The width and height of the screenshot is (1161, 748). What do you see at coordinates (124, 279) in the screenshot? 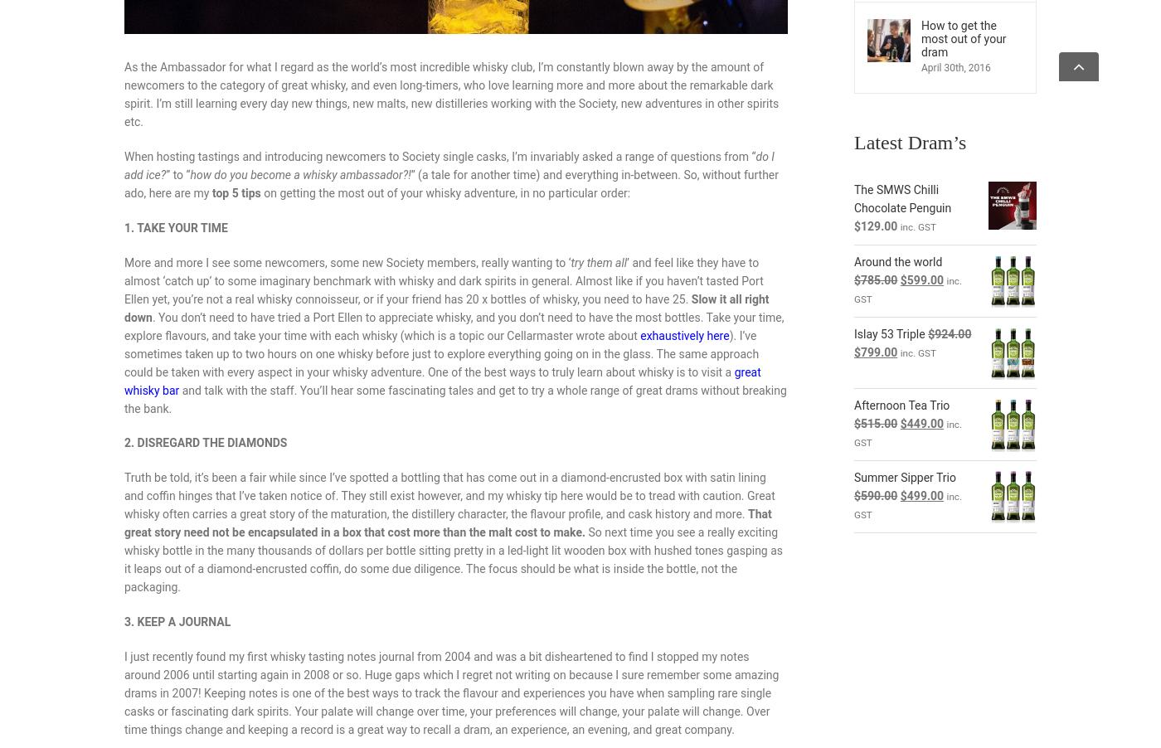
I see `'’ and feel like they have to almost ‘catch up’ to some imaginary benchmark with whisky and dark spirits in general. Almost like if you haven’t tasted Port Ellen yet, you’re not a real whisky connoisseur, or if your friend has 20 x bottles of whisky, you need to have 25.'` at bounding box center [124, 279].